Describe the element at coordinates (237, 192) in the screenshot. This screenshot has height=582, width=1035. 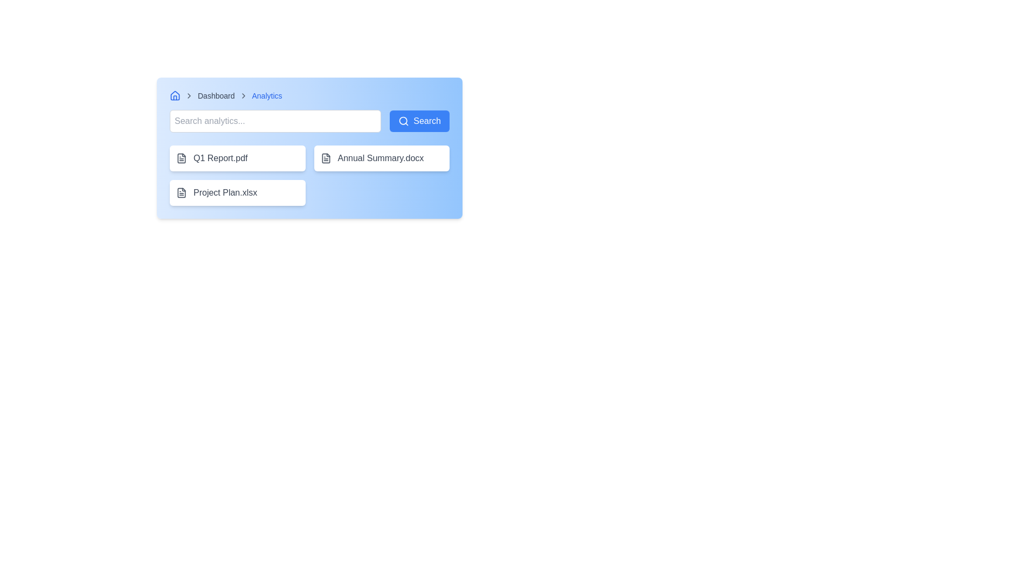
I see `the clickable list item representing the document 'Project Plan.xlsx'` at that location.